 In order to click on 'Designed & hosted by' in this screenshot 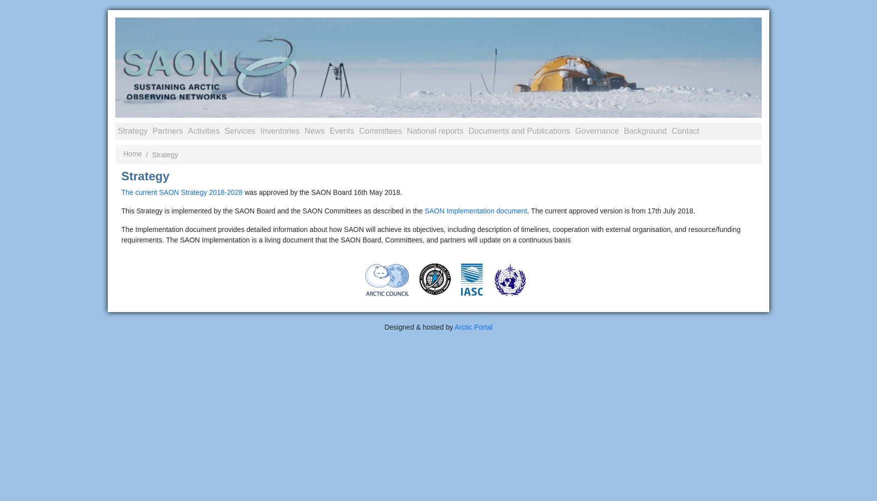, I will do `click(384, 327)`.